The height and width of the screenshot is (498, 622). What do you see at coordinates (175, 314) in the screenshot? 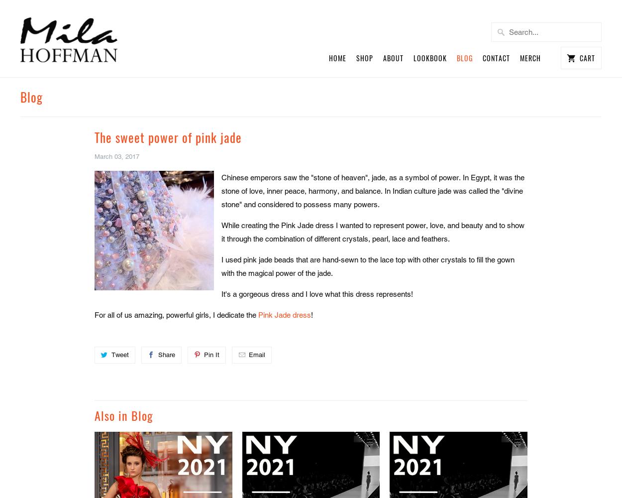
I see `'For all of us amazing, powerful girls, I dedicate the'` at bounding box center [175, 314].